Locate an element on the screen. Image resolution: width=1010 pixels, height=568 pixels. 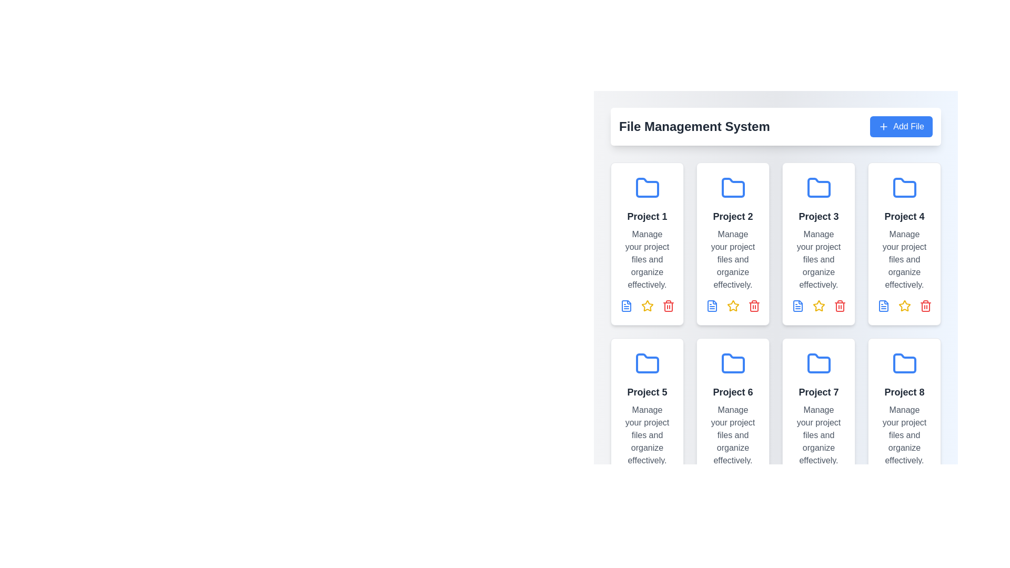
the blue outlined folder icon within the 'Project 2' card is located at coordinates (732, 187).